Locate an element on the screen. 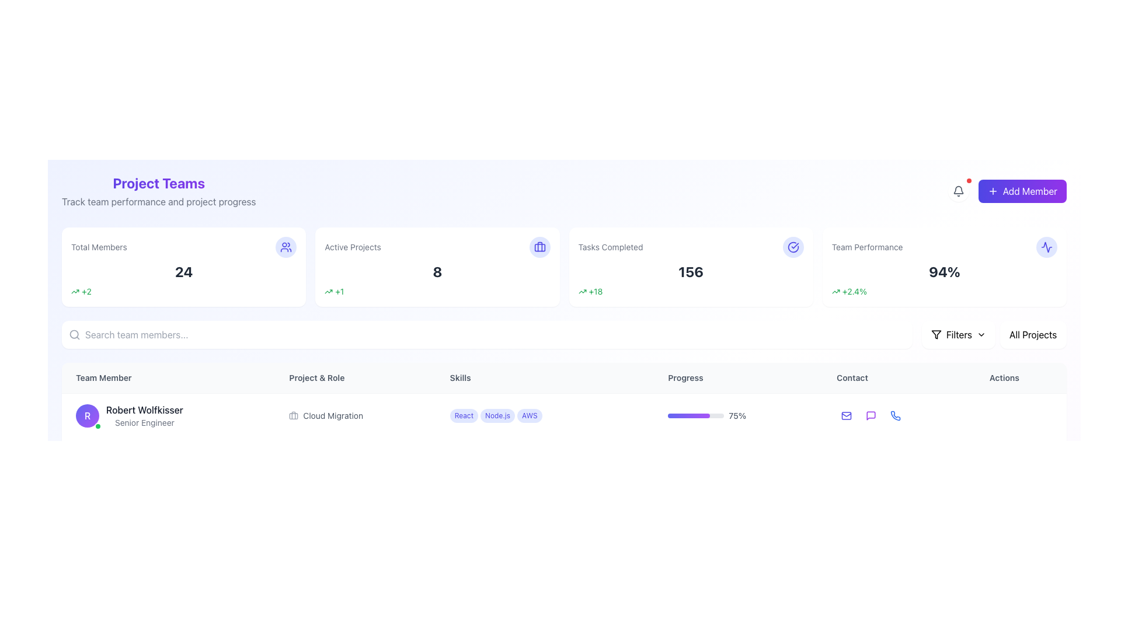 Image resolution: width=1121 pixels, height=630 pixels. the 'All Projects' filter button located at the top-right section of the interface, adjacent to the 'Filters' button to trigger the hover effect is located at coordinates (1033, 335).